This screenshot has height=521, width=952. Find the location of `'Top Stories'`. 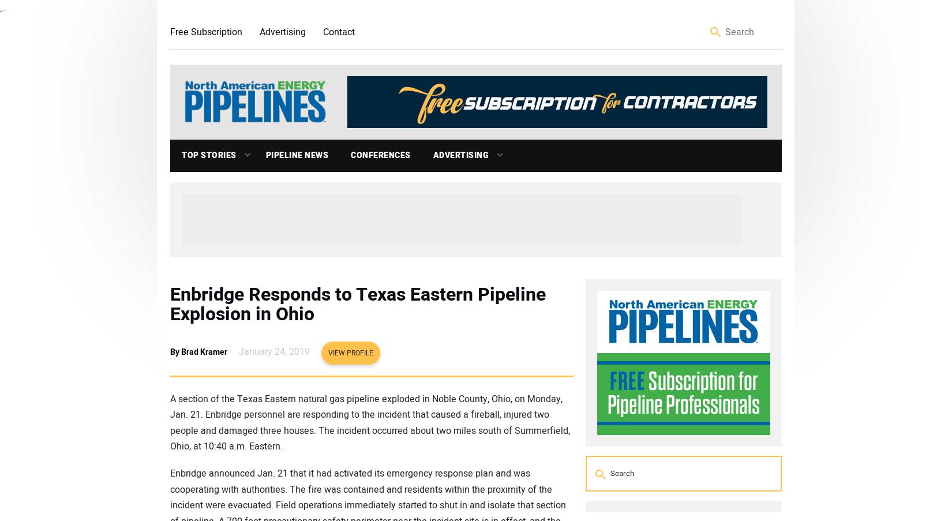

'Top Stories' is located at coordinates (209, 154).